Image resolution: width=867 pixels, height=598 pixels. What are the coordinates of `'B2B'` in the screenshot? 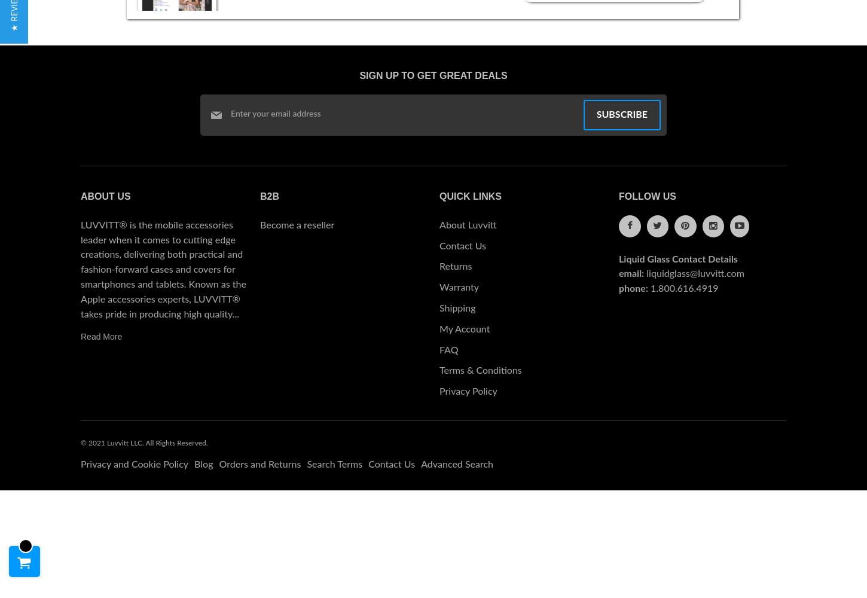 It's located at (268, 196).